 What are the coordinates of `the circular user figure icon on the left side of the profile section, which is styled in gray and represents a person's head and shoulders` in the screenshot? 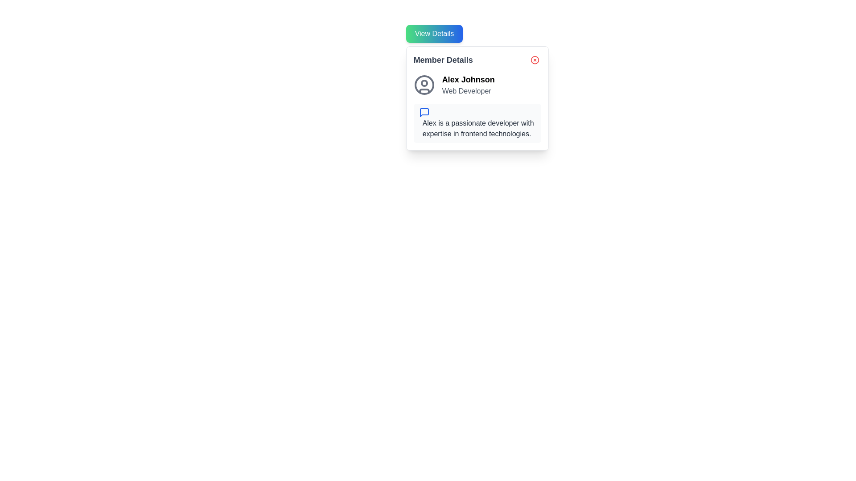 It's located at (424, 85).